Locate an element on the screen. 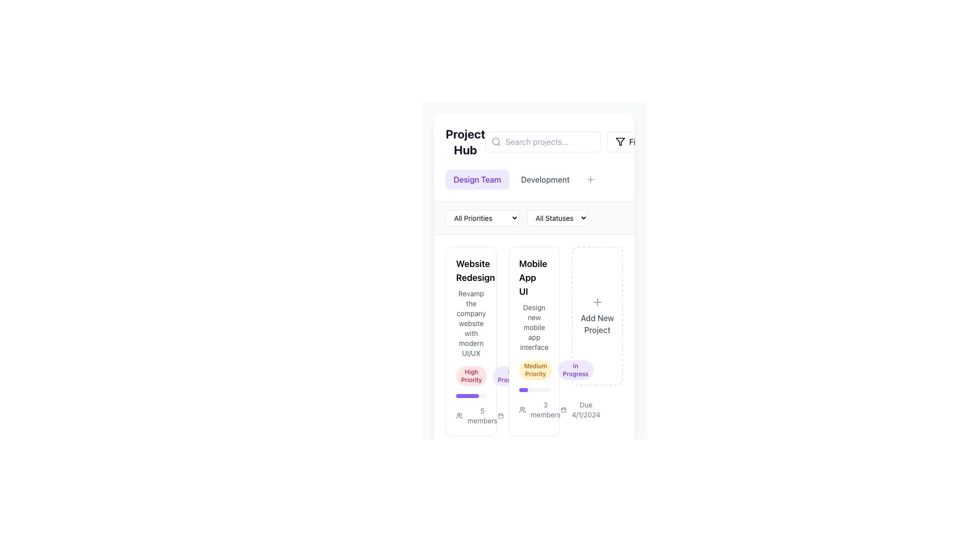 This screenshot has width=953, height=536. the filter button located in the top-right corner of the interface is located at coordinates (632, 141).